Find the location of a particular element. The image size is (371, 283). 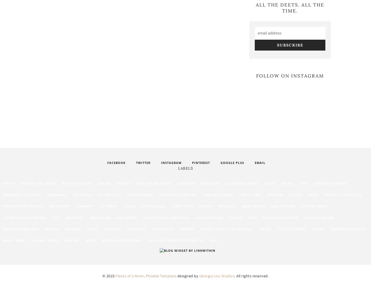

'Holidays' is located at coordinates (227, 206).